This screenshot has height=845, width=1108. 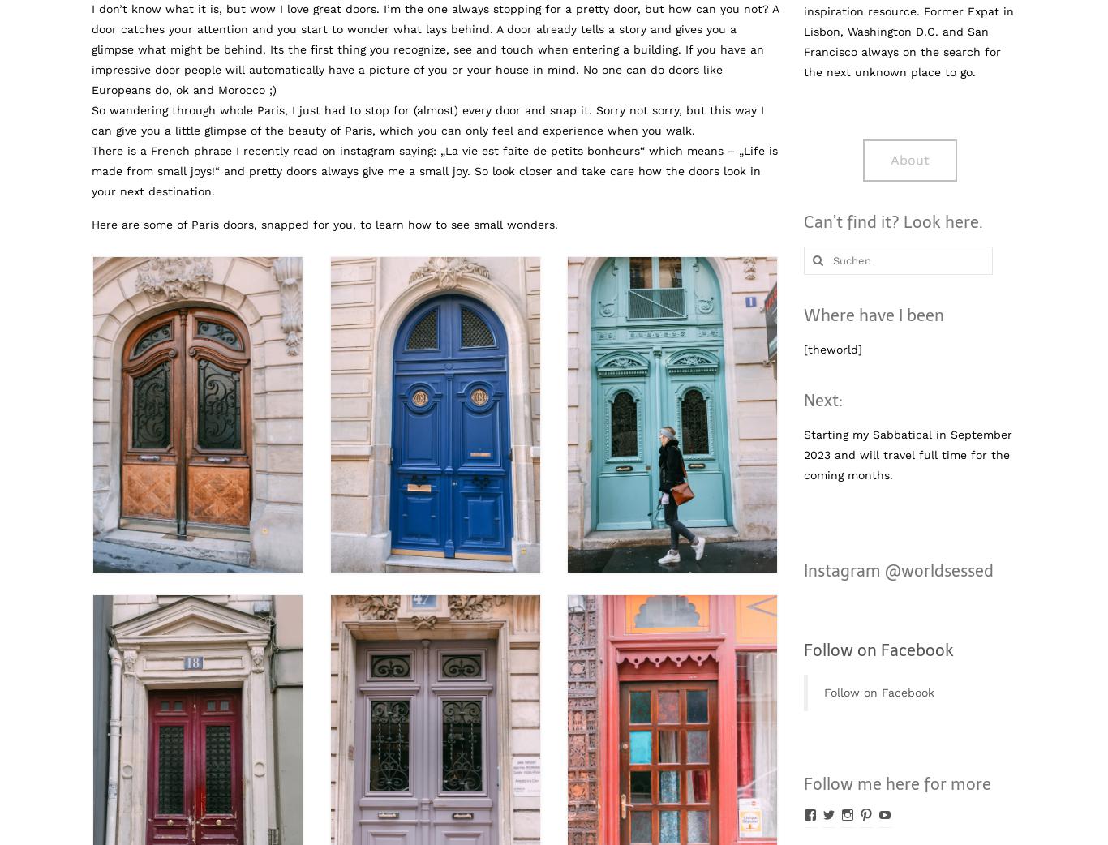 I want to click on 'Can’t find it? Look here.', so click(x=891, y=221).